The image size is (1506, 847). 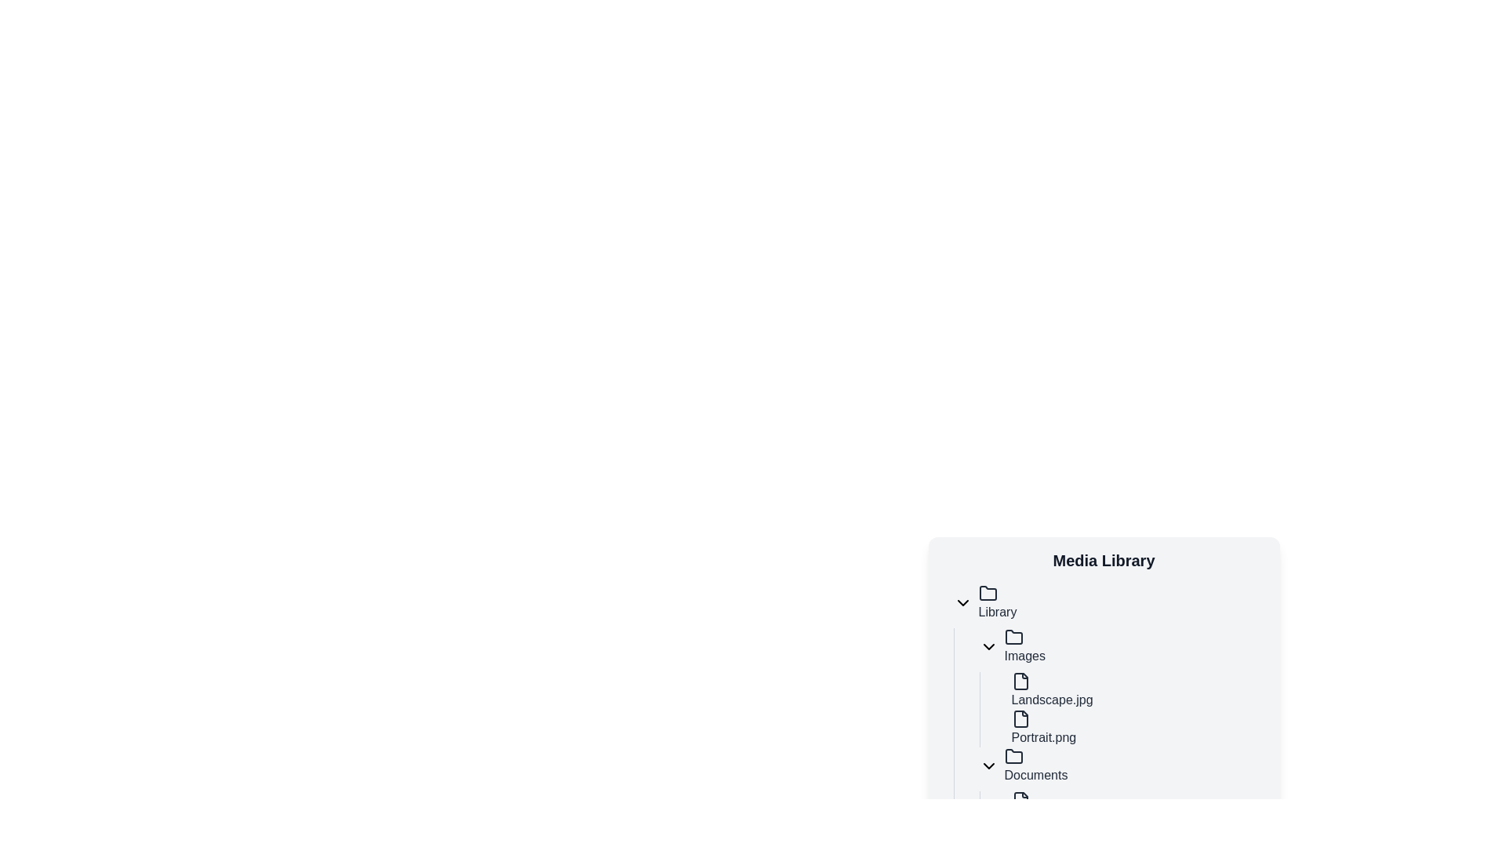 I want to click on the small file icon representing the document 'Landscape.jpg', so click(x=1020, y=680).